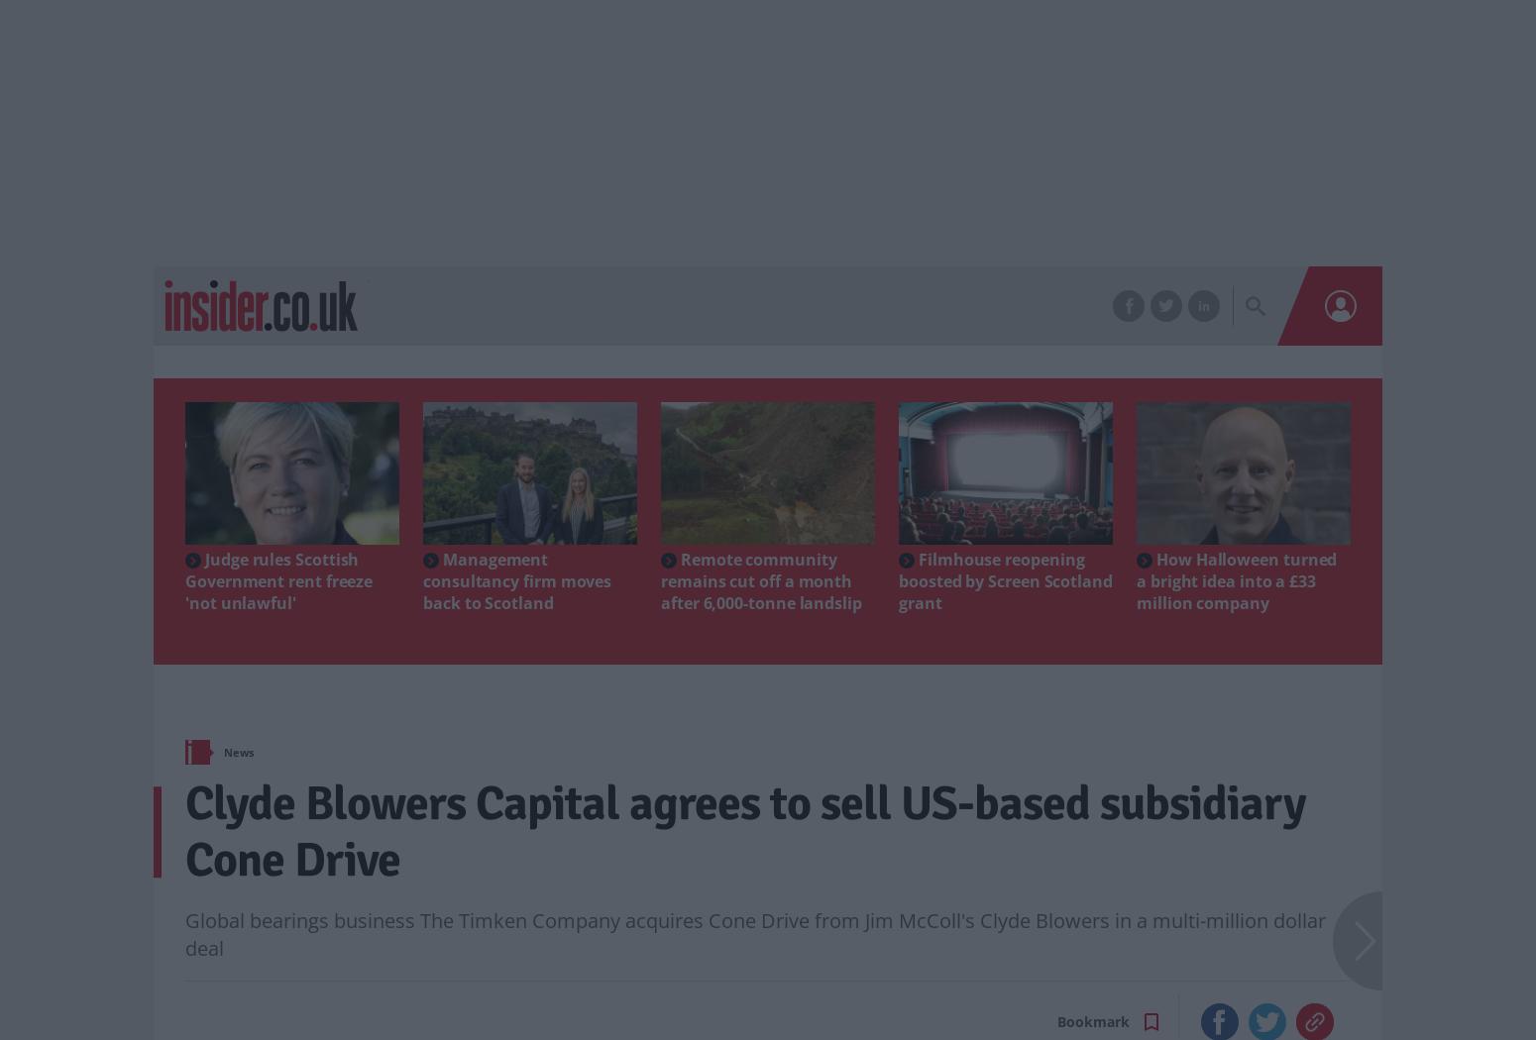 The height and width of the screenshot is (1040, 1536). Describe the element at coordinates (516, 579) in the screenshot. I see `'Management consultancy firm moves back to Scotland'` at that location.